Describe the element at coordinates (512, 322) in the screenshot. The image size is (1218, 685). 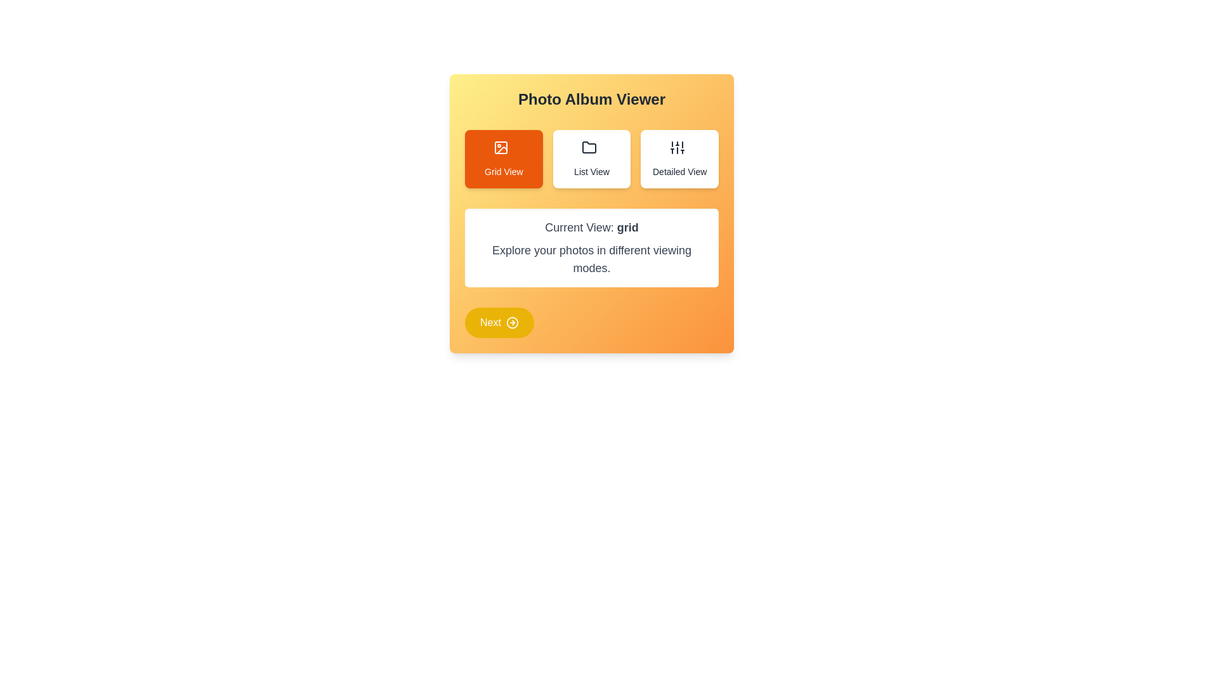
I see `the 'Next' button icon located to the right of the word 'Next' within the orange rectangular interface at the bottom-left section` at that location.